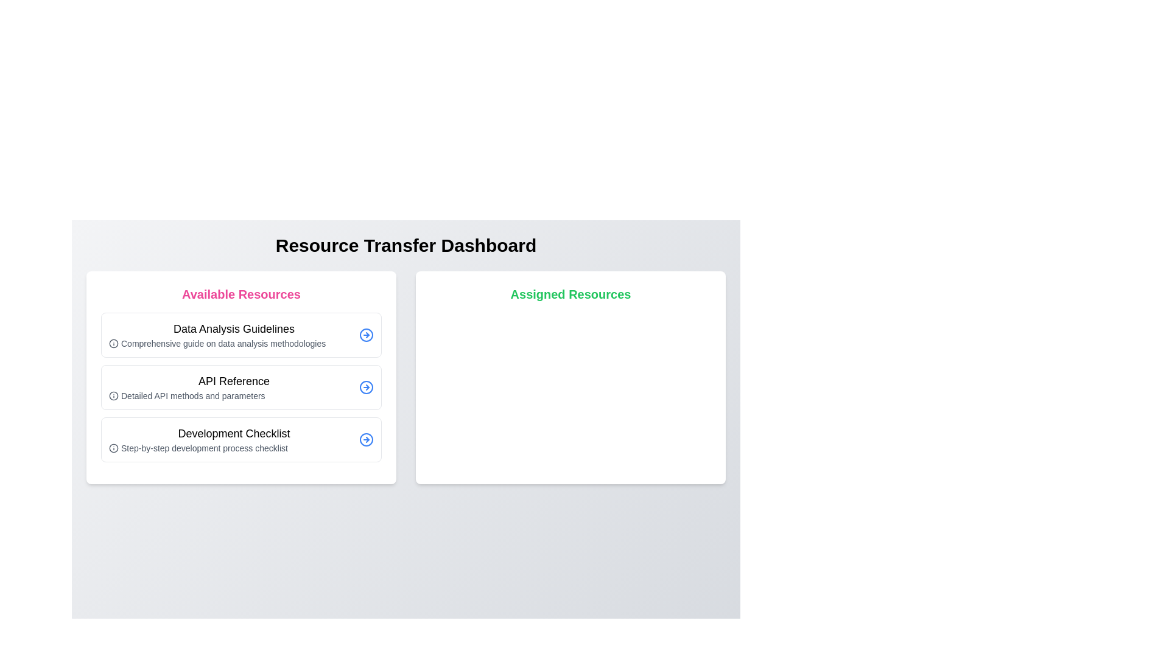  What do you see at coordinates (241, 335) in the screenshot?
I see `the Interactive Card in the 'Available Resources' section, which is the first entry among three cards` at bounding box center [241, 335].